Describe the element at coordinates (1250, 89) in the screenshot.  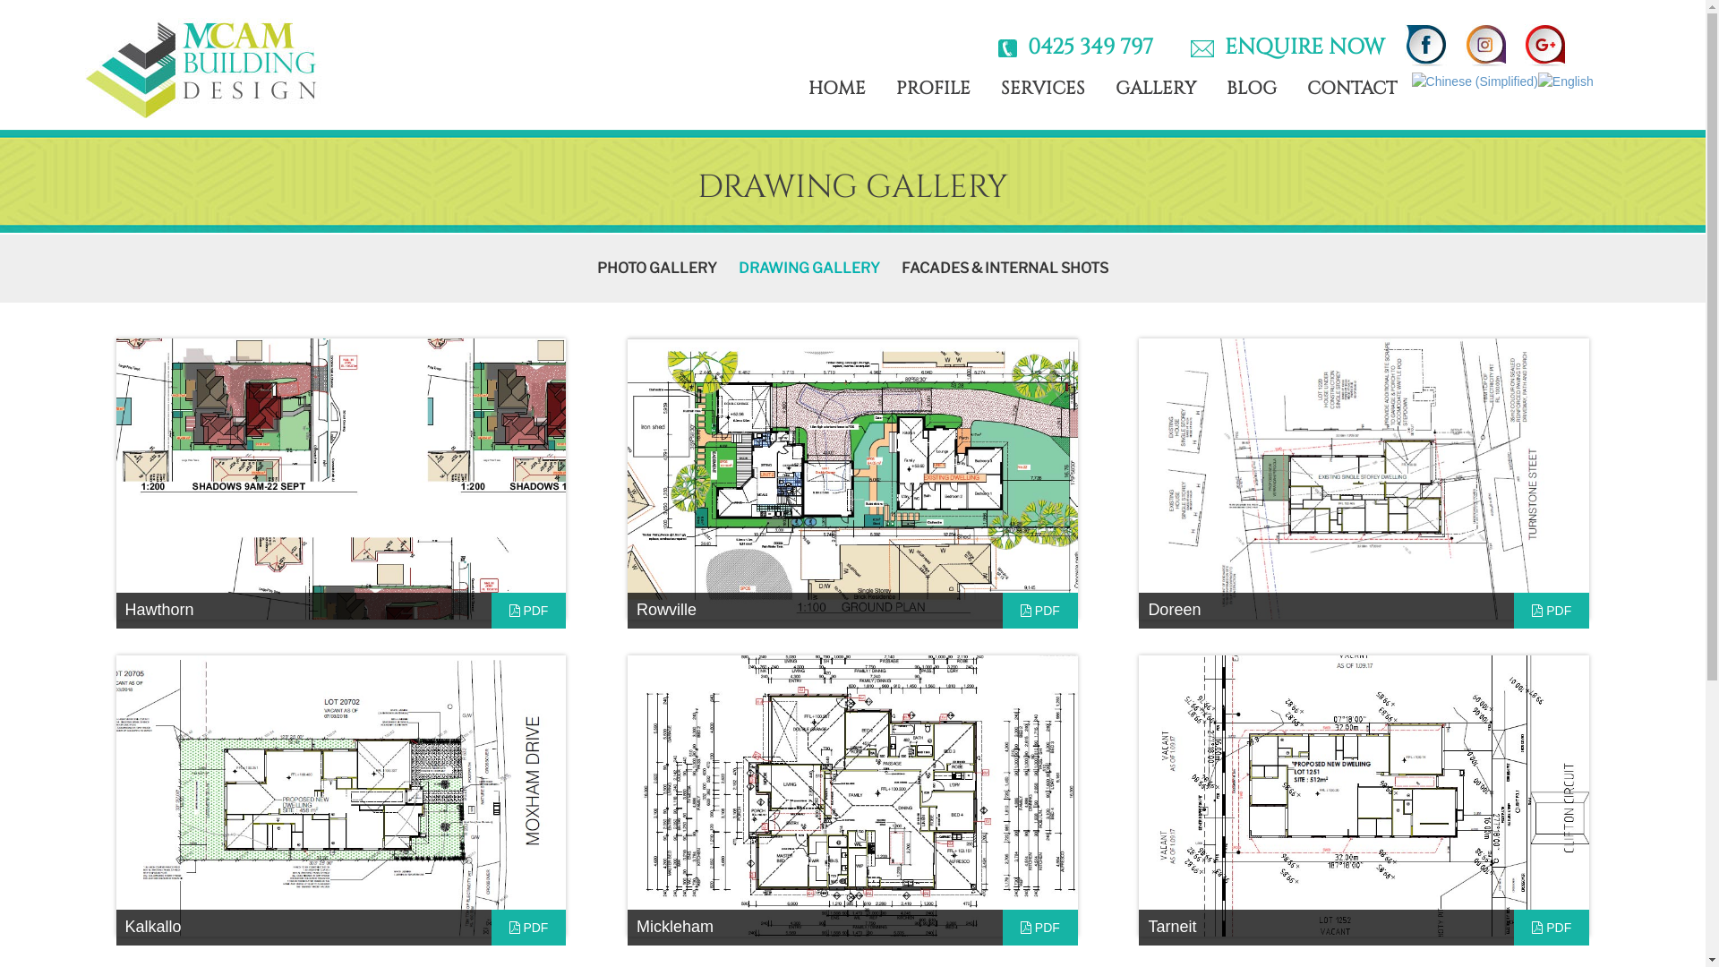
I see `'BLOG'` at that location.